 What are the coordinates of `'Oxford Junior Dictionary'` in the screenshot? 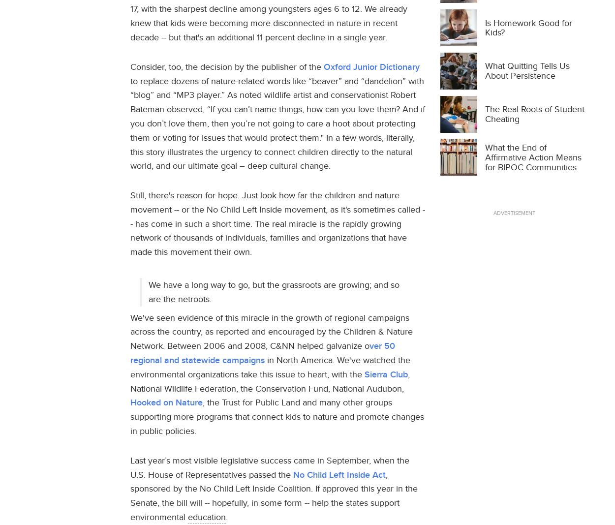 It's located at (371, 65).